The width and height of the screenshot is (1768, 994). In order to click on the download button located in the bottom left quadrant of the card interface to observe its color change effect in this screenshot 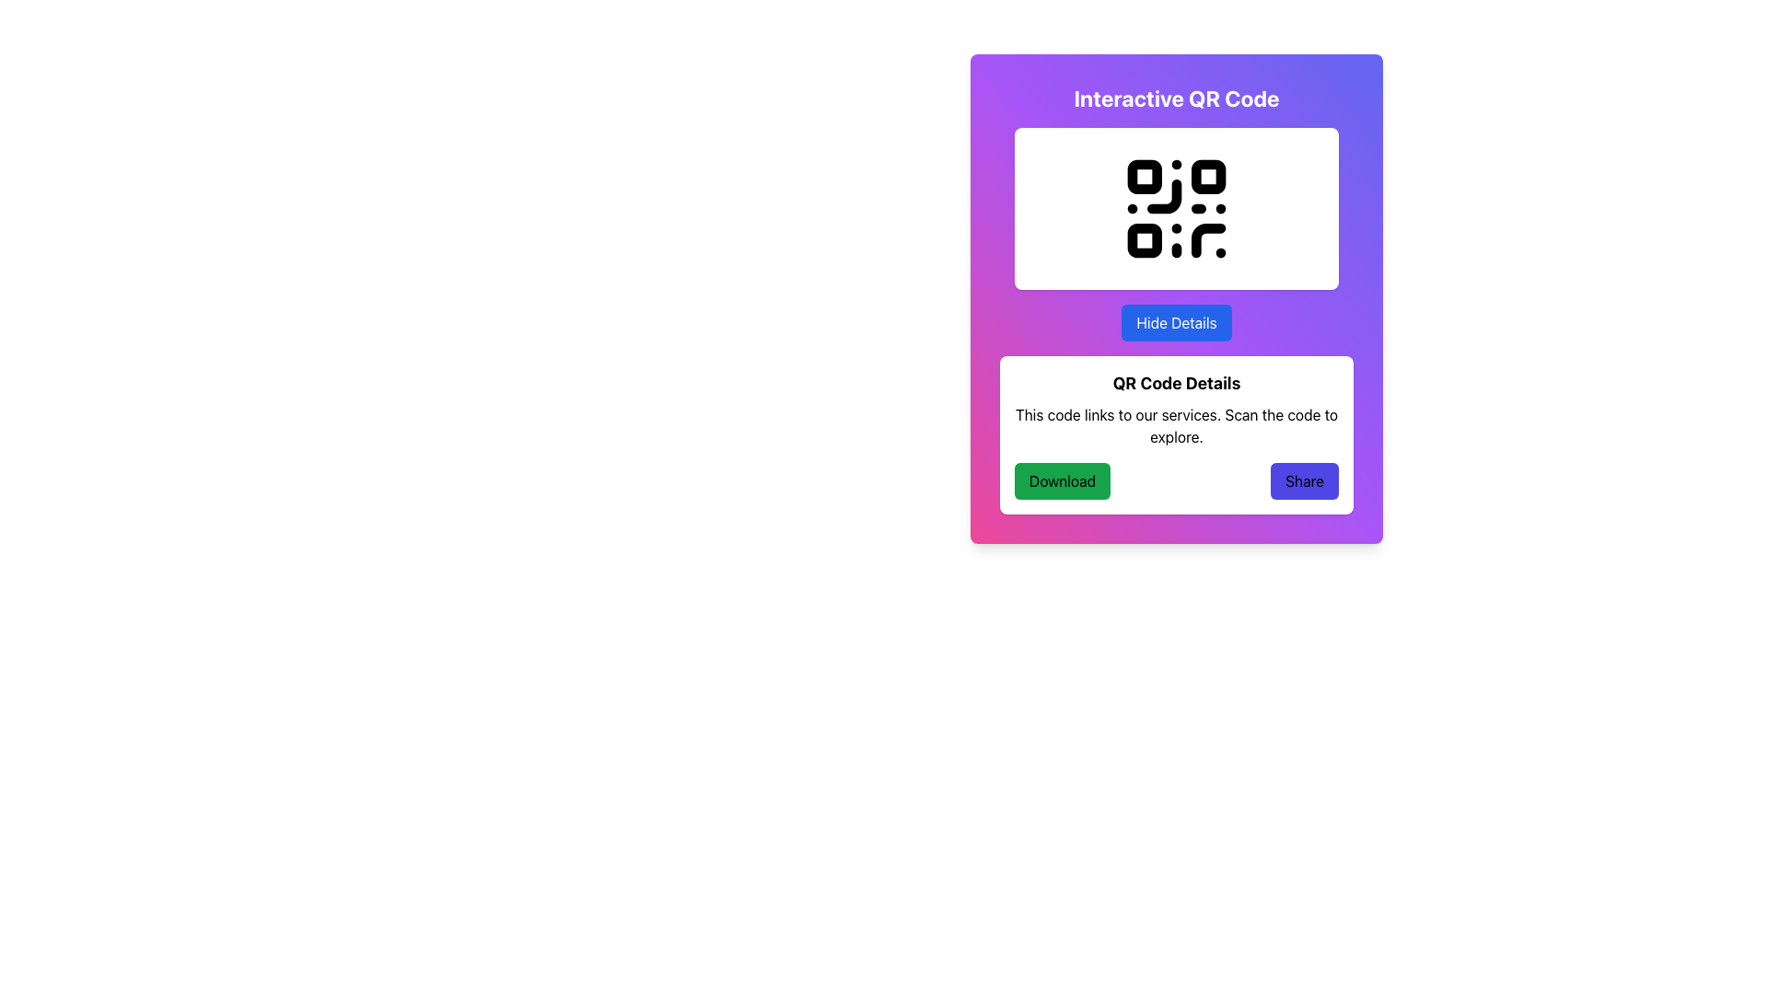, I will do `click(1063, 480)`.